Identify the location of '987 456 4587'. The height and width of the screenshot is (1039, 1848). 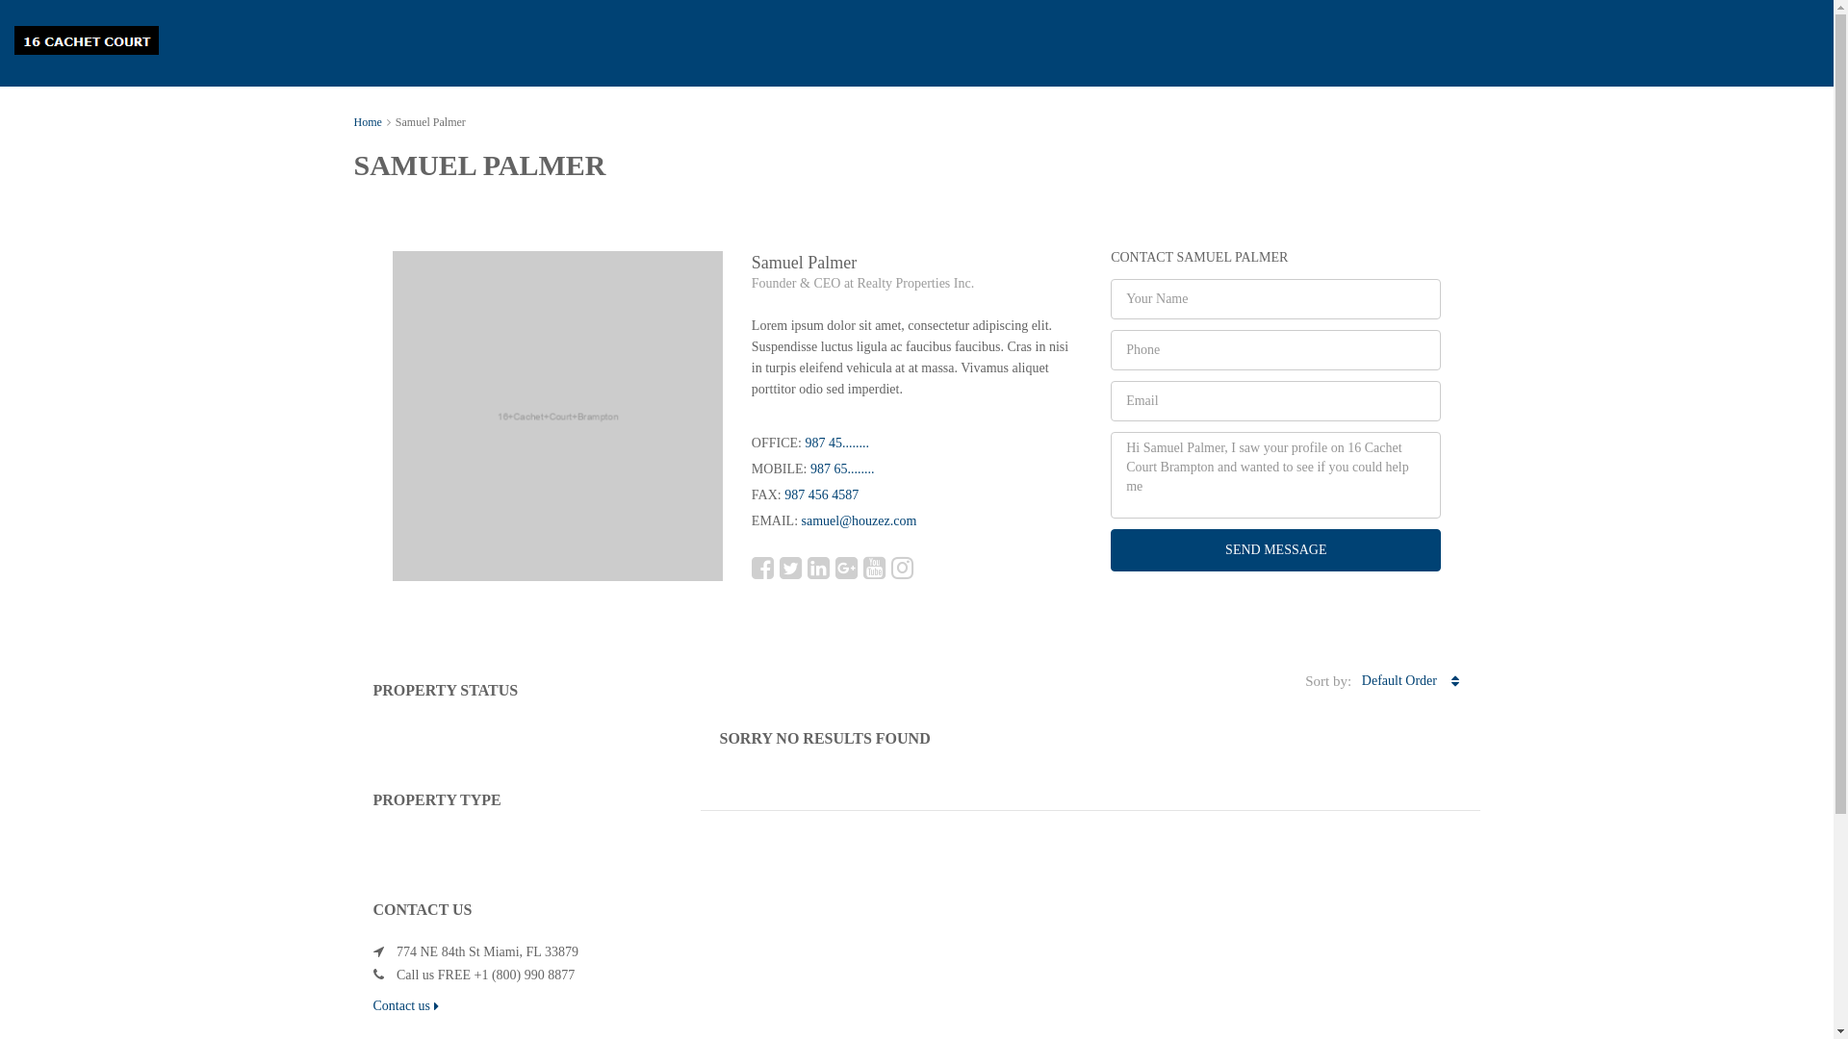
(821, 494).